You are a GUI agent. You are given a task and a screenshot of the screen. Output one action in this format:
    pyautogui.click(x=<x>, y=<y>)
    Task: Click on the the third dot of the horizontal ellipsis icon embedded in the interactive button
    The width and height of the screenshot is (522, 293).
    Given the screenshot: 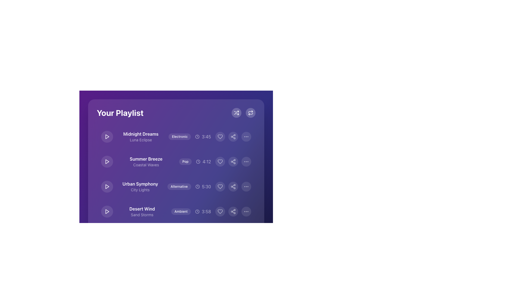 What is the action you would take?
    pyautogui.click(x=246, y=136)
    